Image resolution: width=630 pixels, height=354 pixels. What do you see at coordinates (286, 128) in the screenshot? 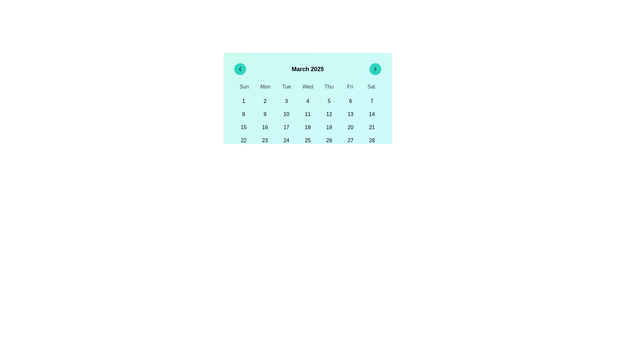
I see `the button styled as a calendar cell containing the number '17'` at bounding box center [286, 128].